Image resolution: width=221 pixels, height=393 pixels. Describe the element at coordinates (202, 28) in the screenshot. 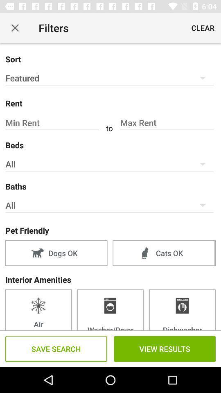

I see `the option clear which is on the top right corner of the page` at that location.